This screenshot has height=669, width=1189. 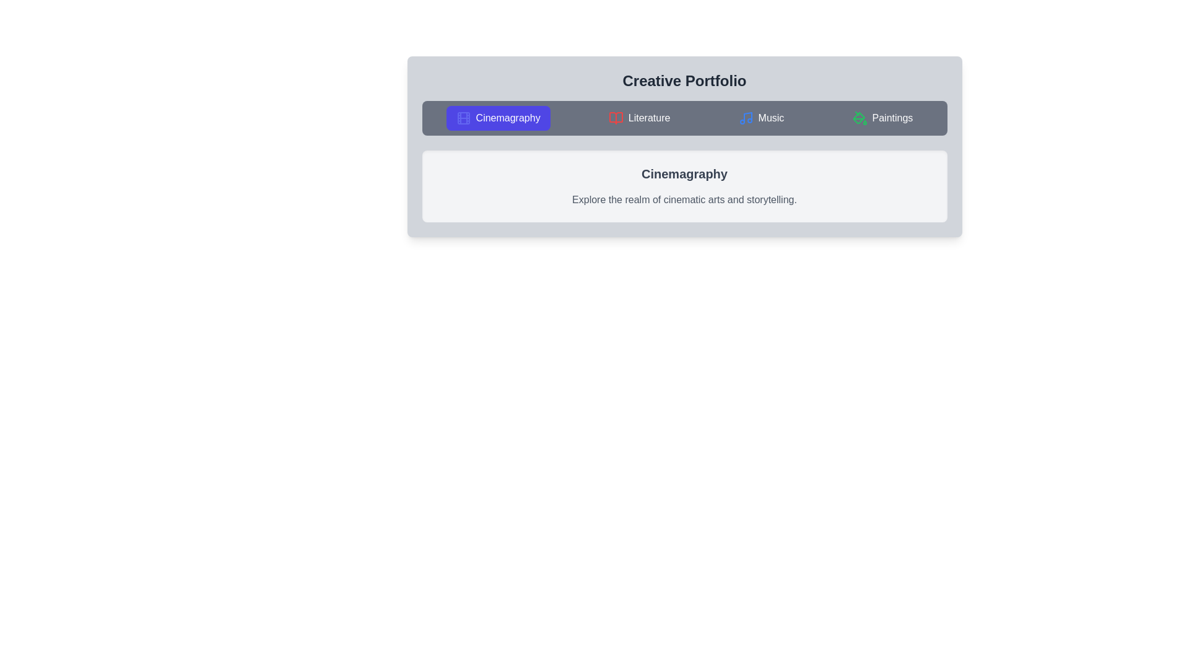 What do you see at coordinates (639, 118) in the screenshot?
I see `the tab labeled Literature and observe its content` at bounding box center [639, 118].